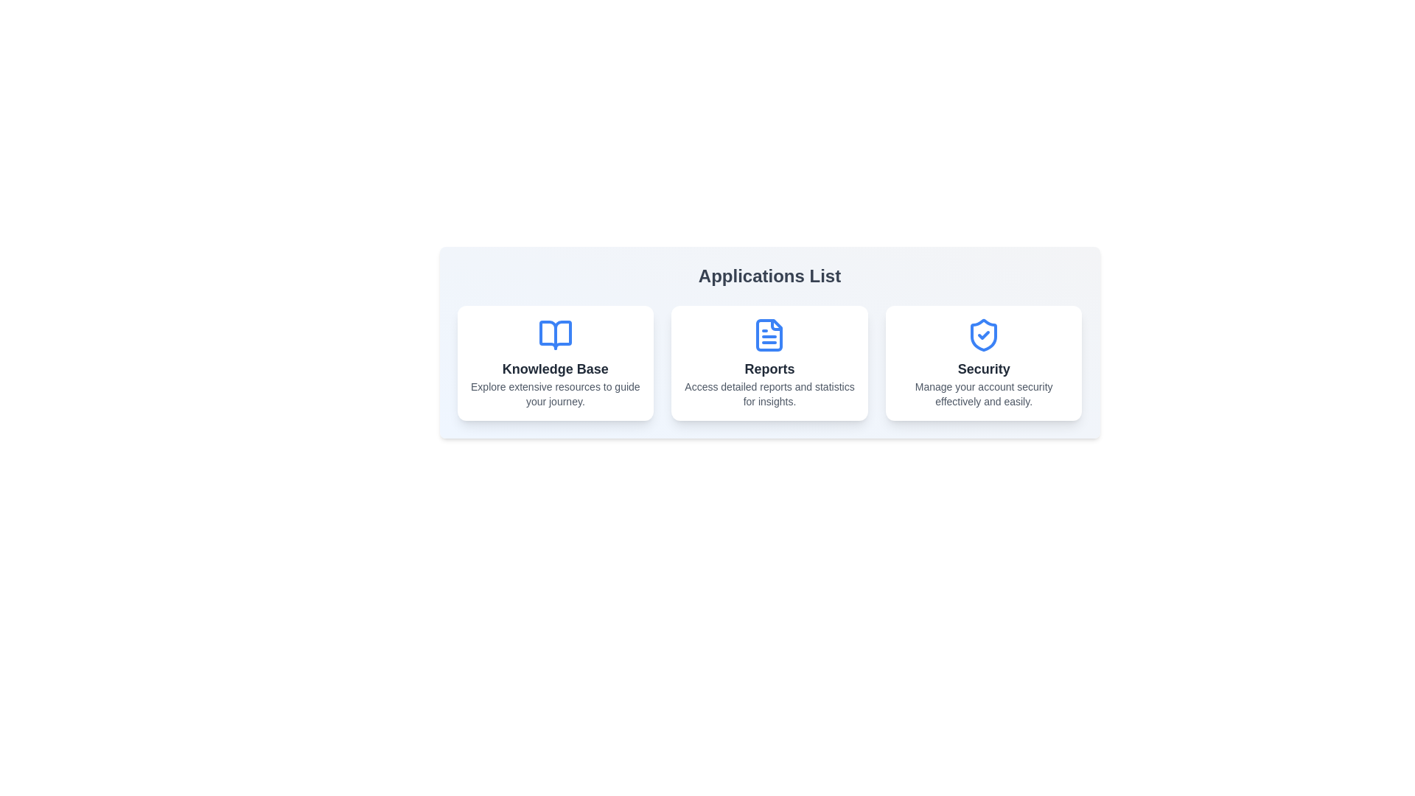 The image size is (1415, 796). Describe the element at coordinates (554, 363) in the screenshot. I see `the Knowledge Base card to simulate an interaction` at that location.